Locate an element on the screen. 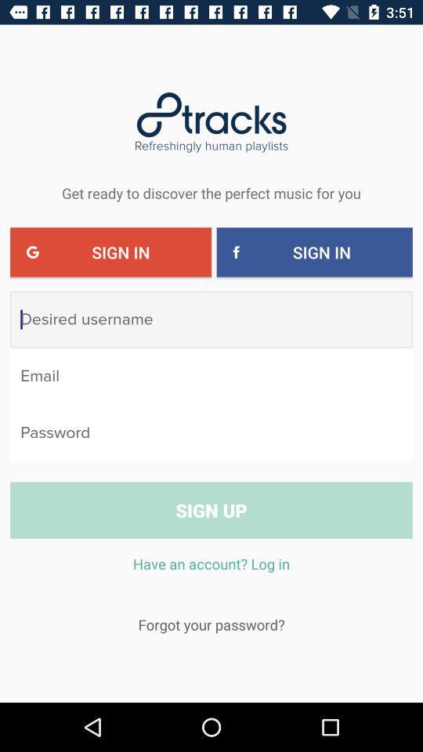  type in username is located at coordinates (211, 319).